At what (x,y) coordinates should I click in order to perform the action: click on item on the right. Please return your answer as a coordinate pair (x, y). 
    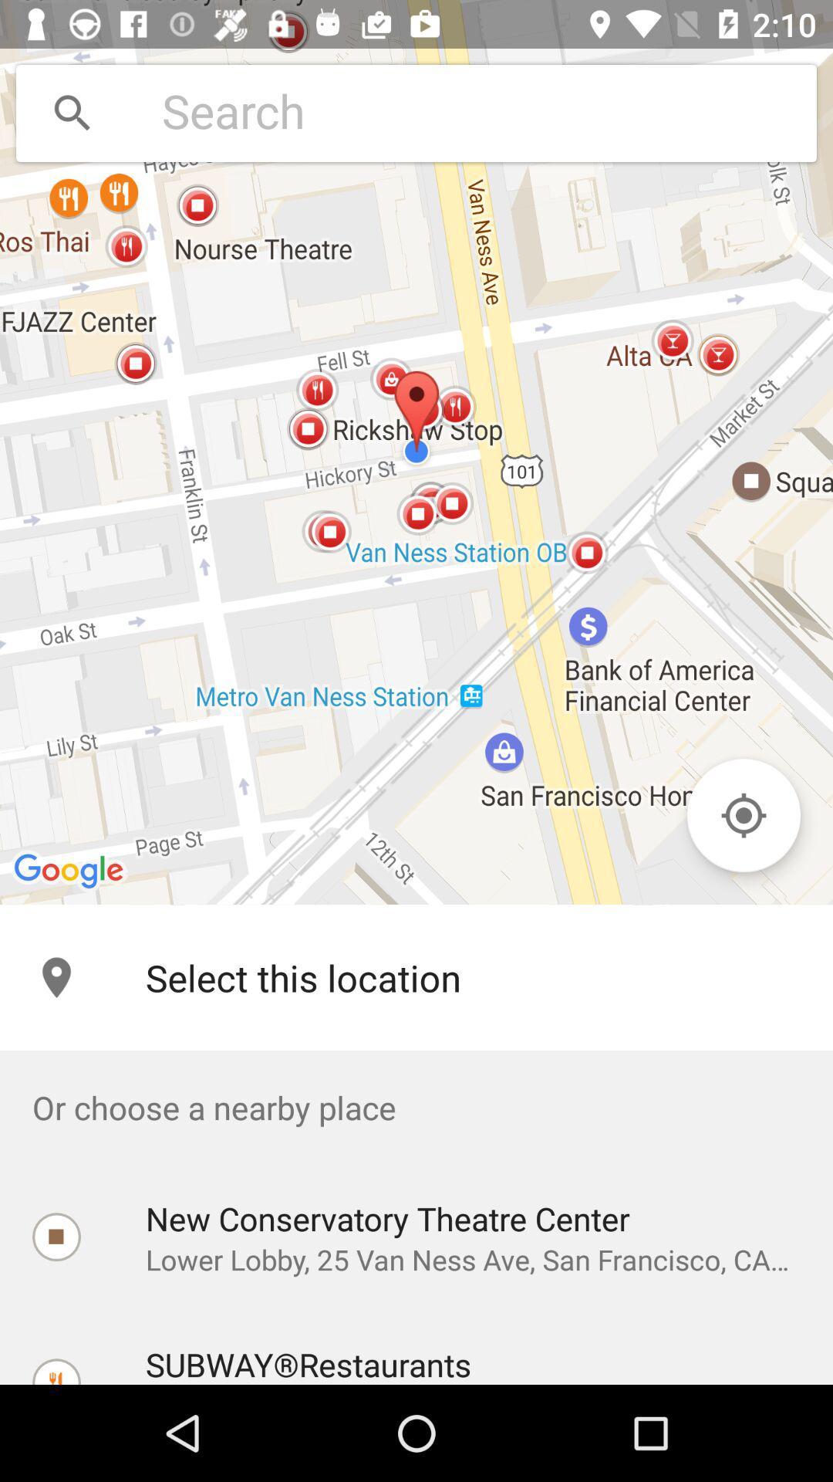
    Looking at the image, I should click on (743, 814).